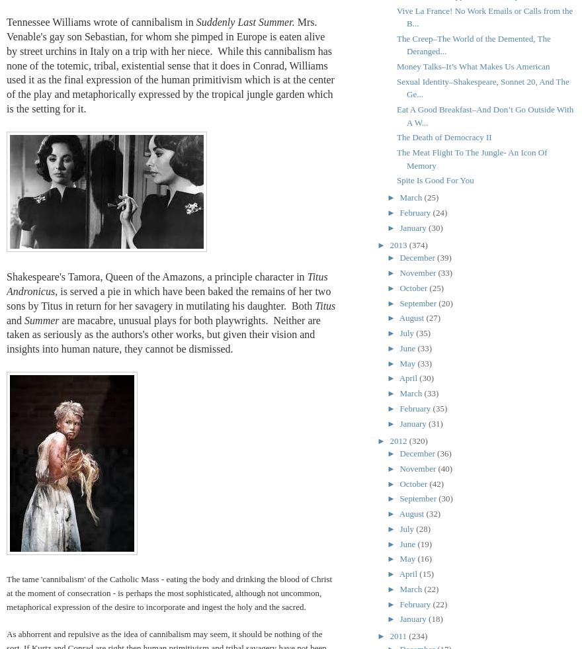 Image resolution: width=582 pixels, height=649 pixels. Describe the element at coordinates (163, 334) in the screenshot. I see `'are macabre, unusual plays for both playwrights.  Neither are taken as seriously as the authors's other works, but given their vision and insights into human nature, they cannot be dismissed.'` at that location.